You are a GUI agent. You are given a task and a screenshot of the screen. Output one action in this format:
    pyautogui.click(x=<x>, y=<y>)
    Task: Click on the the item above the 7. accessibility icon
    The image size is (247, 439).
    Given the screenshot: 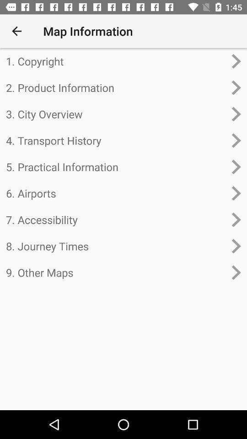 What is the action you would take?
    pyautogui.click(x=116, y=193)
    